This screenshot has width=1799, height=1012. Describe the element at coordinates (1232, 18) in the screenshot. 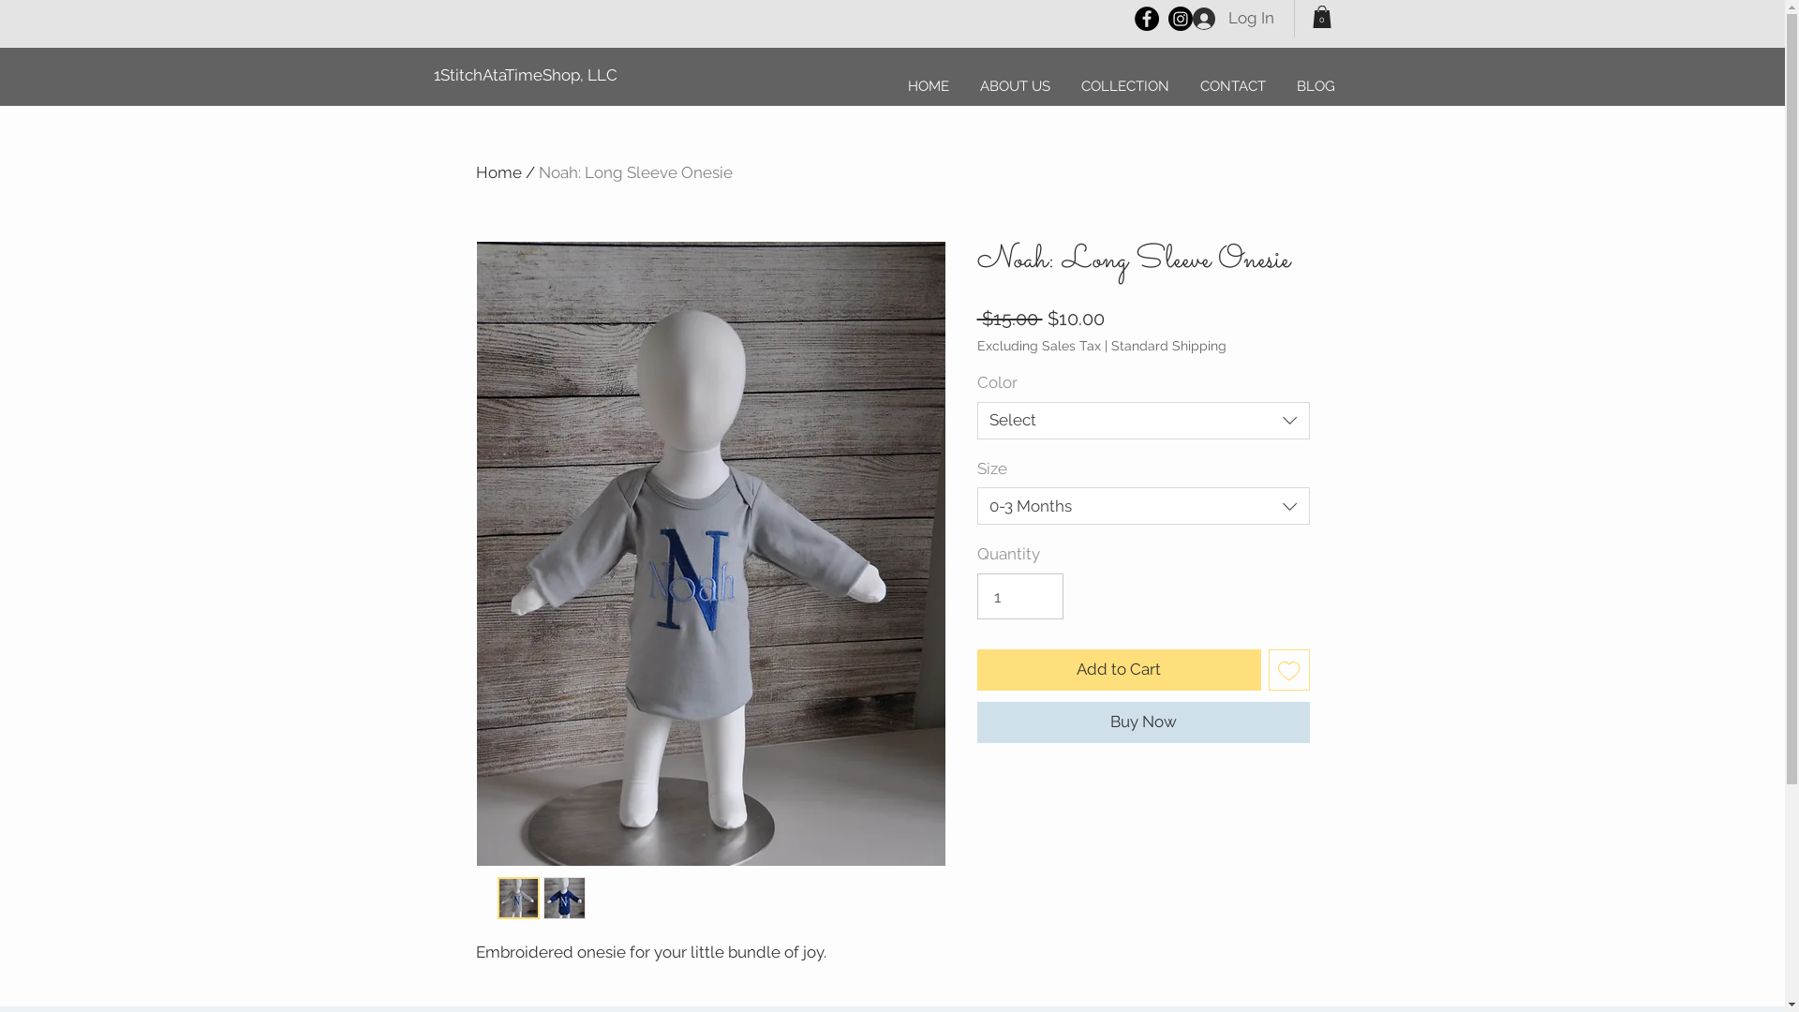

I see `'Log In'` at that location.